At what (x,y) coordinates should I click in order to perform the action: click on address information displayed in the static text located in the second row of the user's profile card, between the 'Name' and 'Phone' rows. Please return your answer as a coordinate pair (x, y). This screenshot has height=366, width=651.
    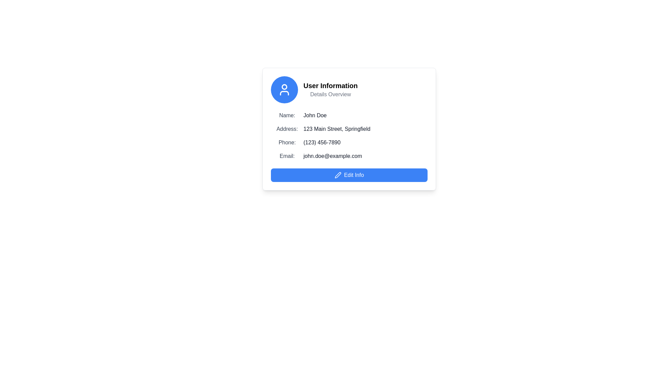
    Looking at the image, I should click on (349, 129).